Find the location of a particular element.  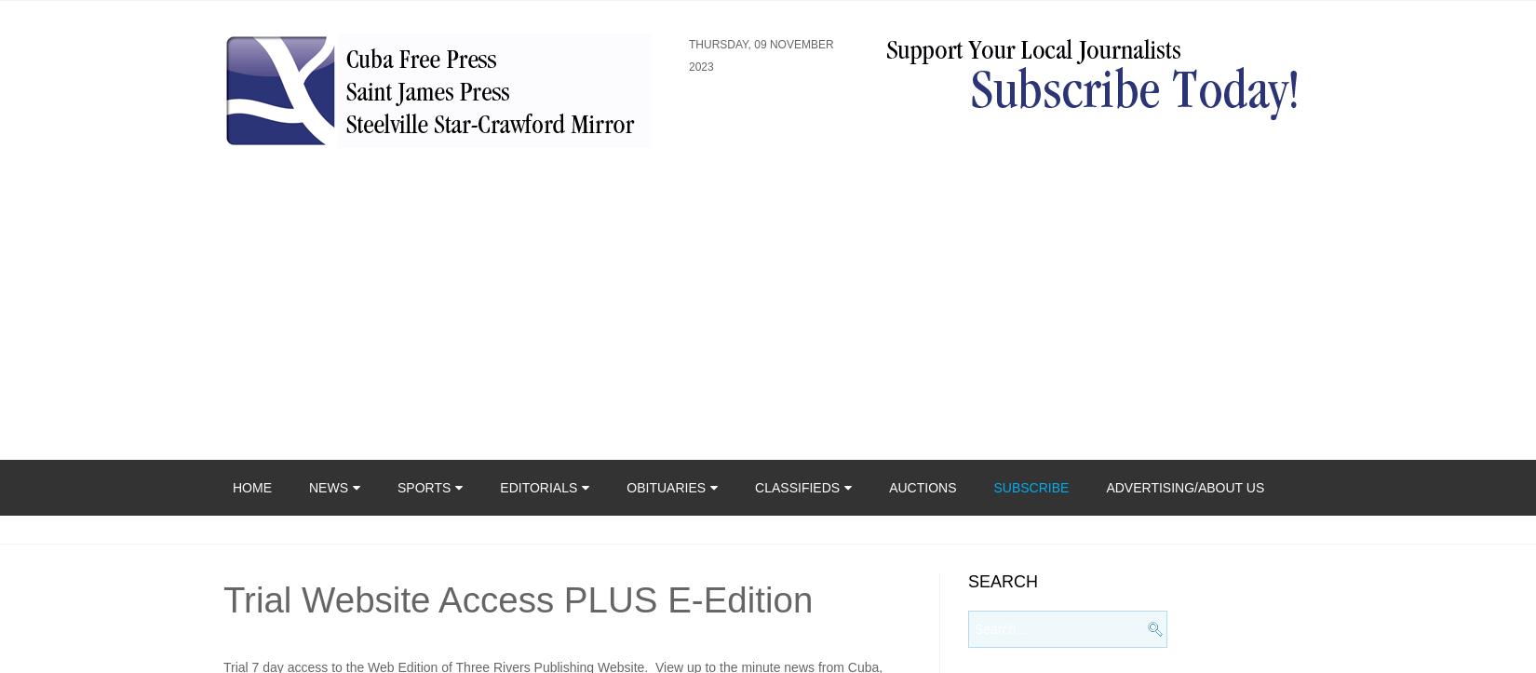

'Thursday, 09 November 2023' is located at coordinates (760, 56).